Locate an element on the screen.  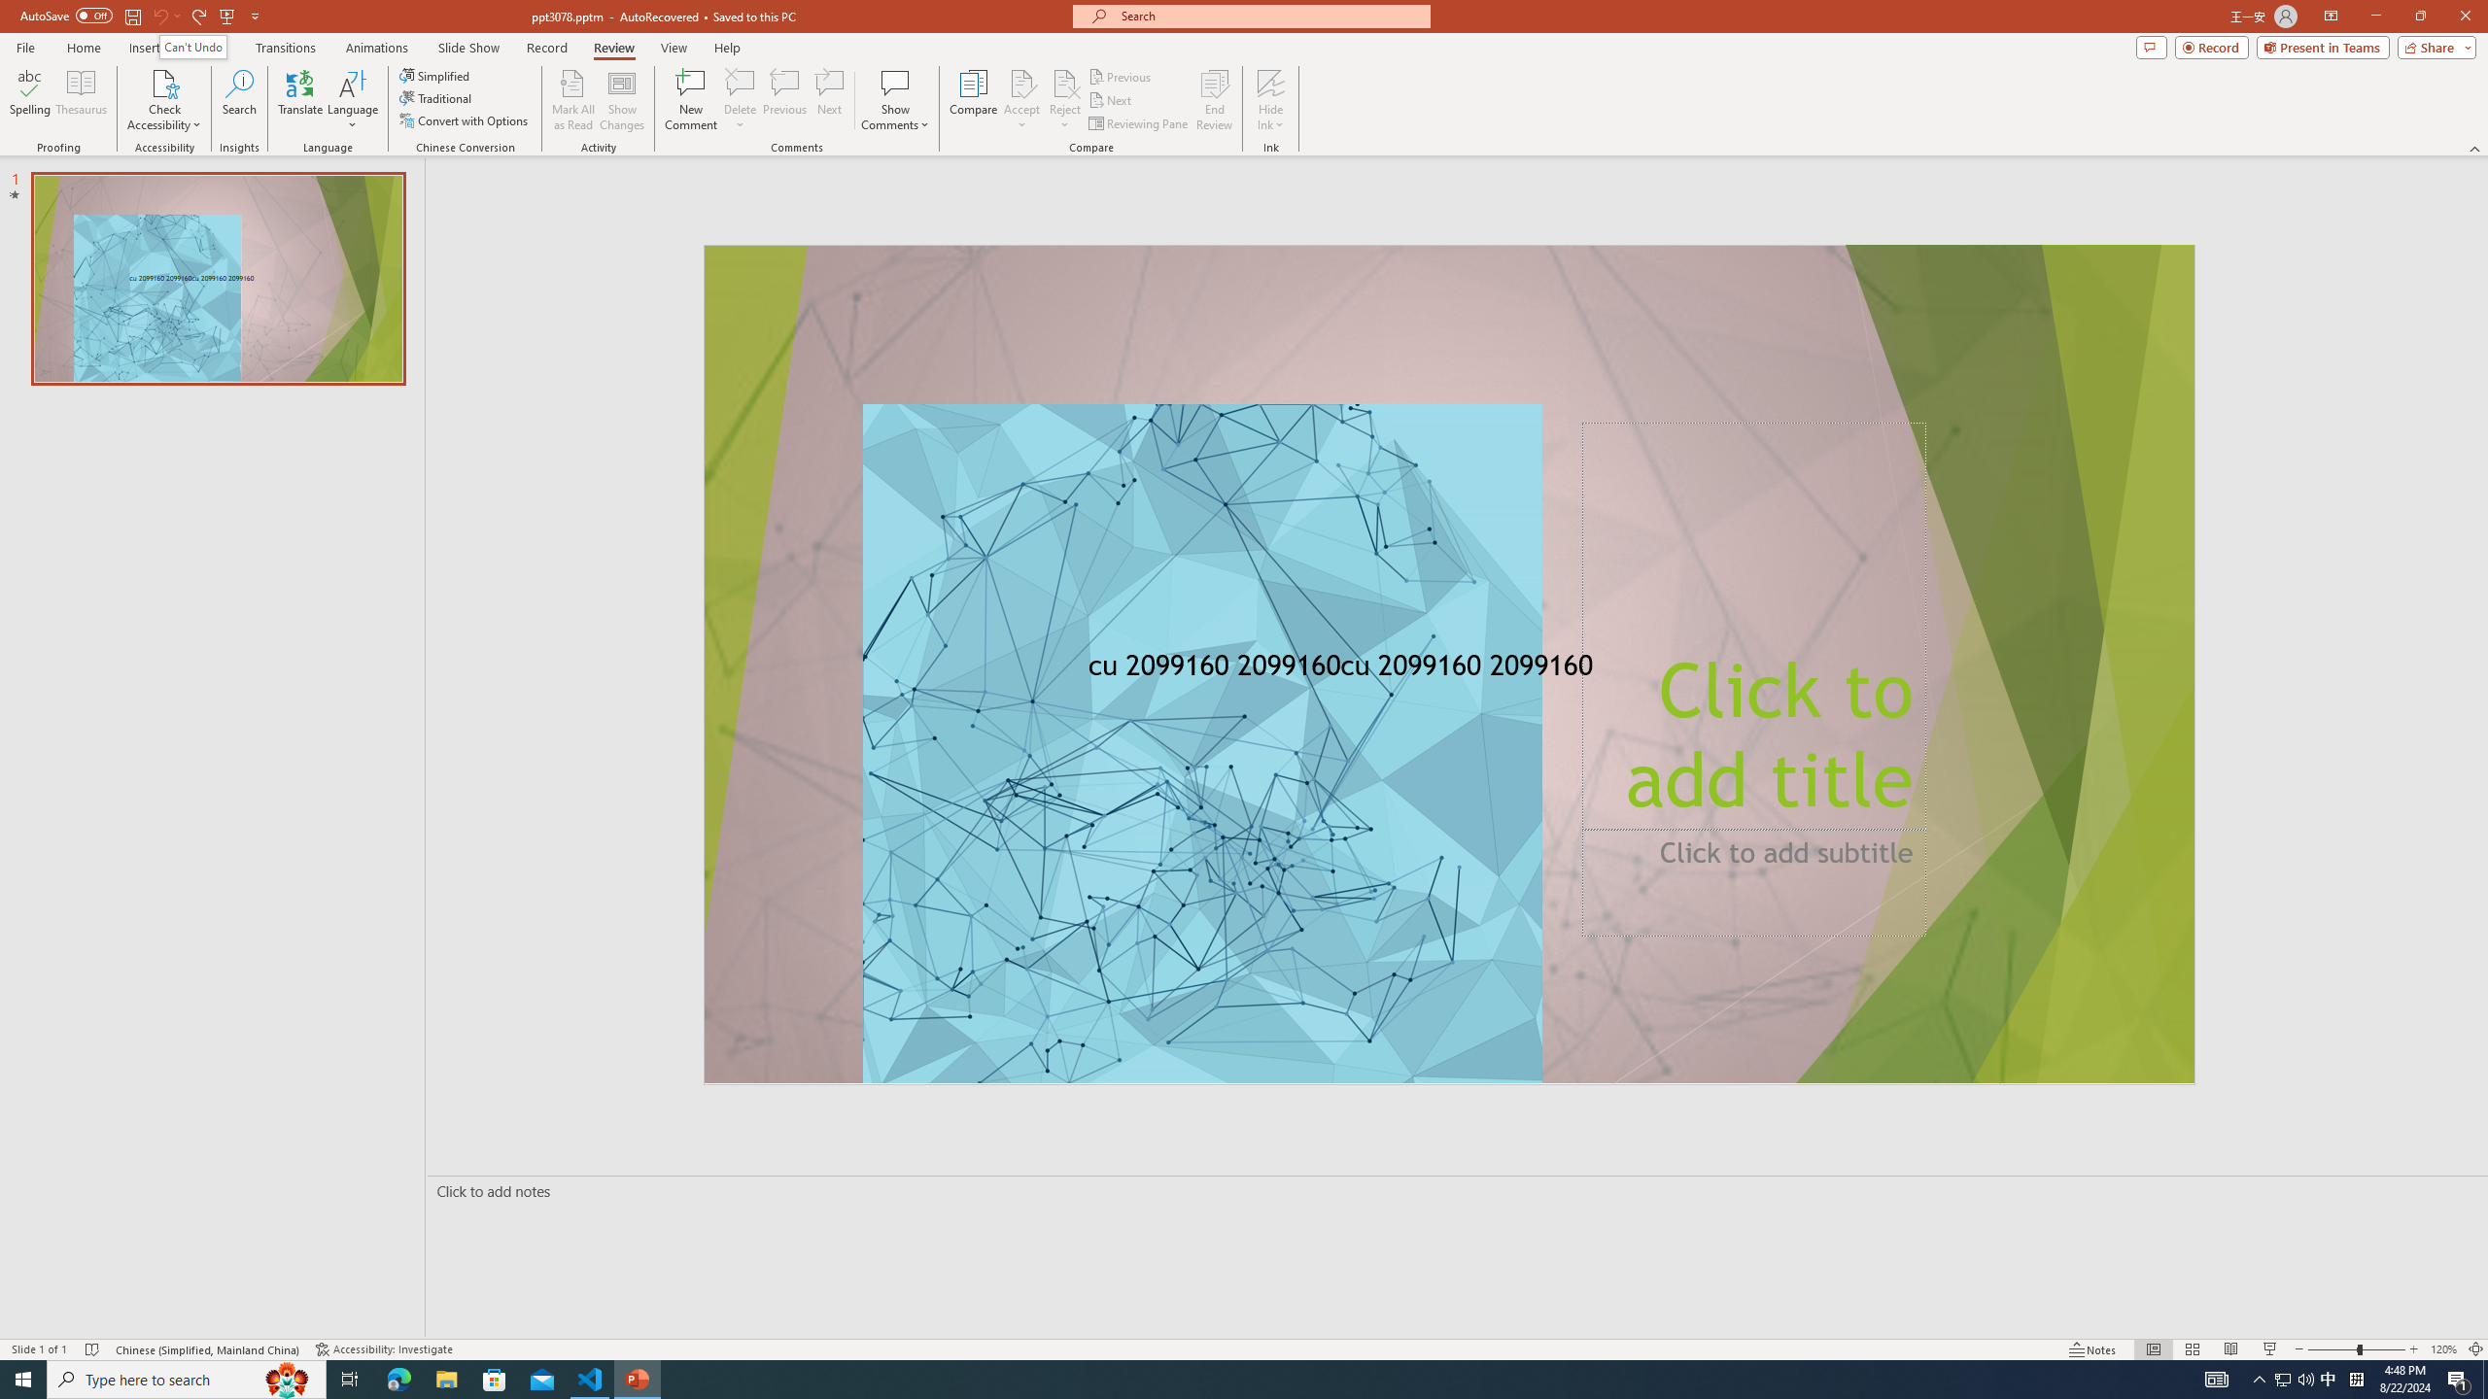
'New Comment' is located at coordinates (689, 100).